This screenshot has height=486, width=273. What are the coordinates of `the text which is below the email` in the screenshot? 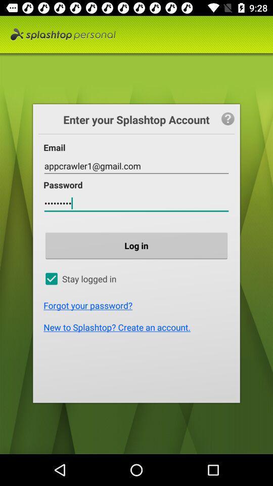 It's located at (136, 166).